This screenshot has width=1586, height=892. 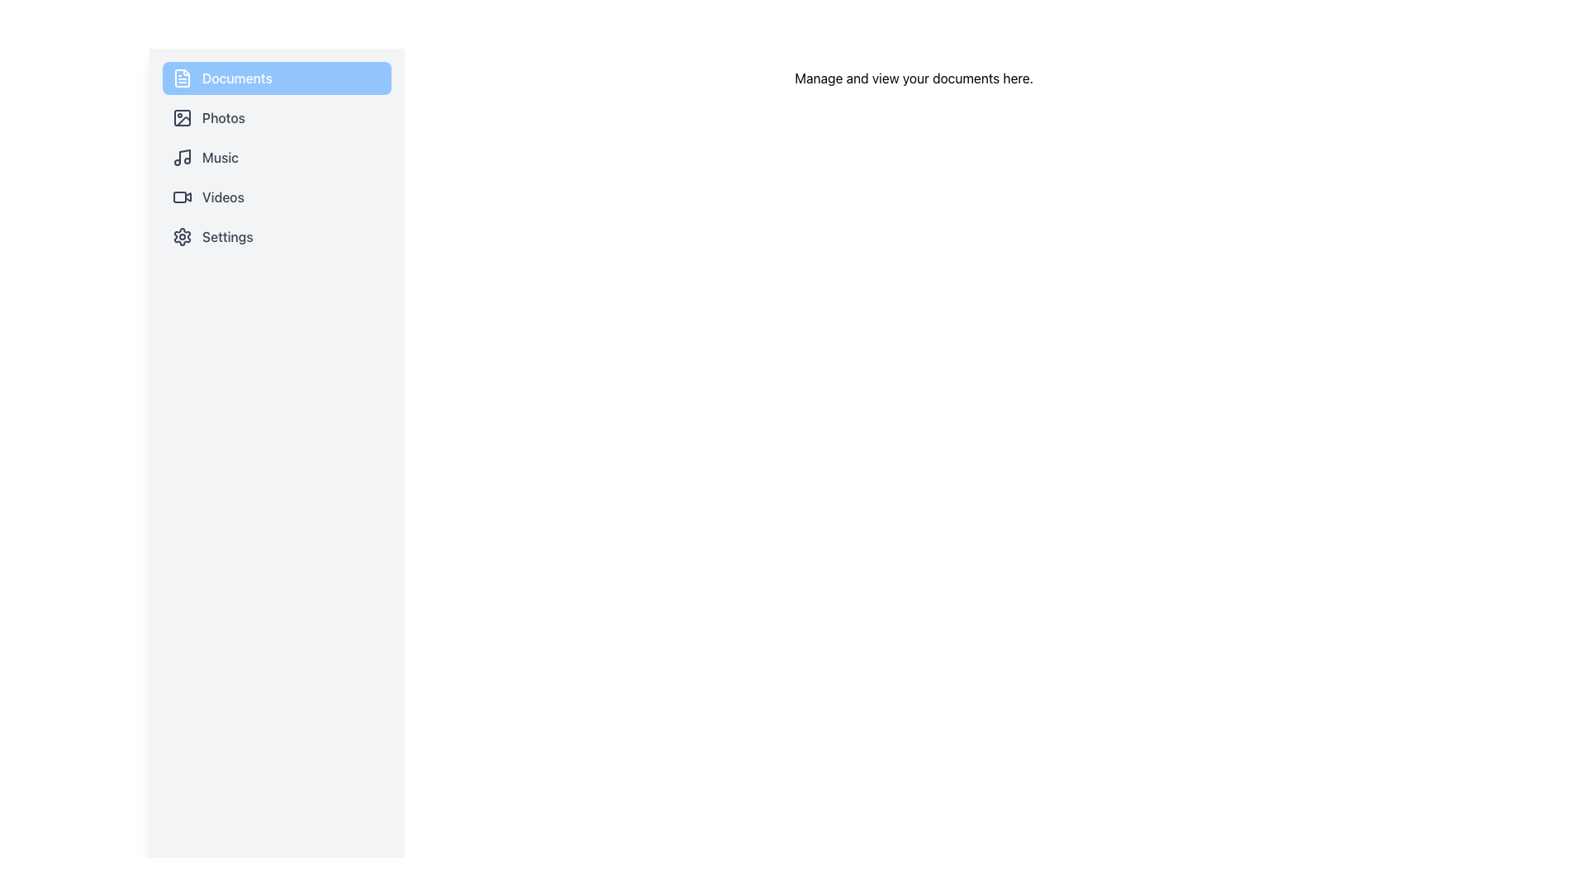 I want to click on the gear-shaped decorative icon associated with the 'Settings' label in the sidebar menu for context, so click(x=182, y=236).